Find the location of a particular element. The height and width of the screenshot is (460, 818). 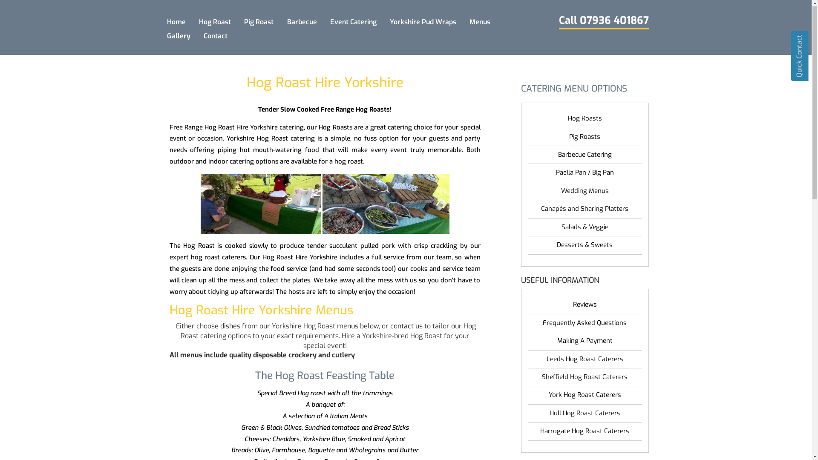

'contact us' is located at coordinates (406, 326).